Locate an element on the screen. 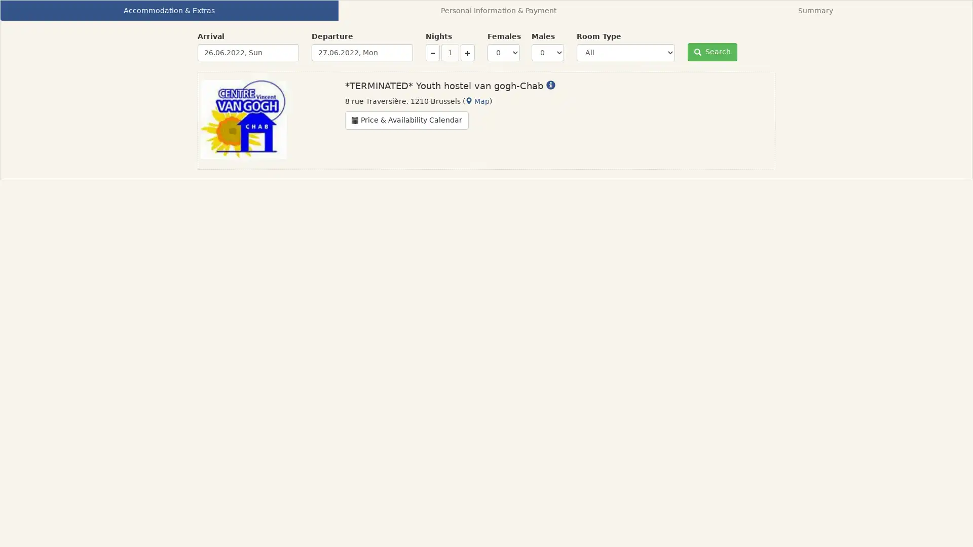 The width and height of the screenshot is (973, 547). 1 is located at coordinates (450, 53).